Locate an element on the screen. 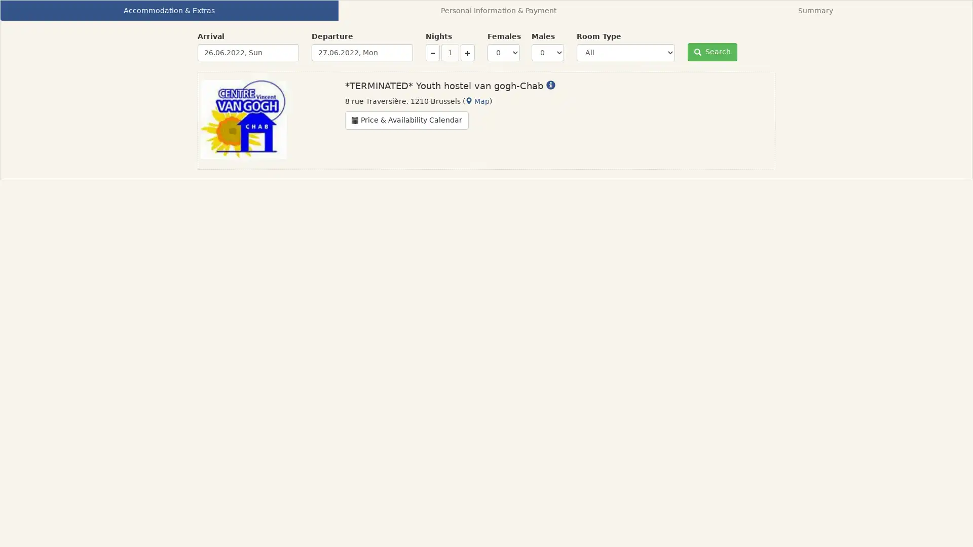 The width and height of the screenshot is (973, 547). 1 is located at coordinates (450, 53).